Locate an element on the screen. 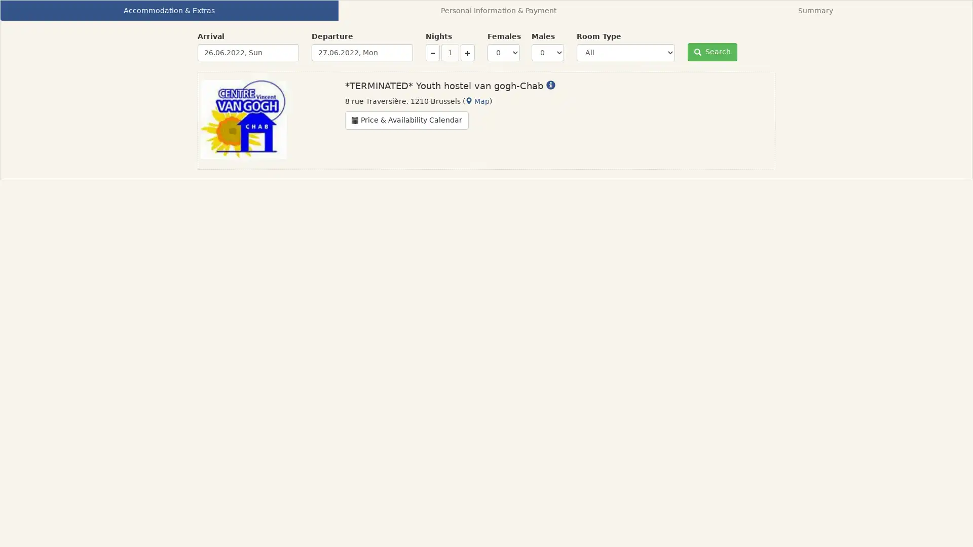 The width and height of the screenshot is (973, 547). 1 is located at coordinates (450, 53).